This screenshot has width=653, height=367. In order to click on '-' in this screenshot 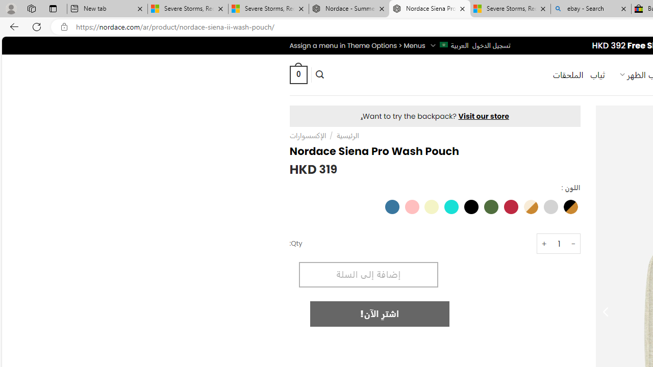, I will do `click(573, 244)`.